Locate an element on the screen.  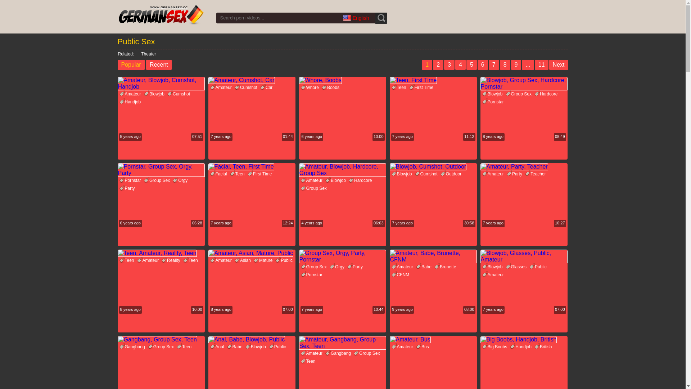
'Amateur, Babe, Brunette, CFNM' is located at coordinates (433, 256).